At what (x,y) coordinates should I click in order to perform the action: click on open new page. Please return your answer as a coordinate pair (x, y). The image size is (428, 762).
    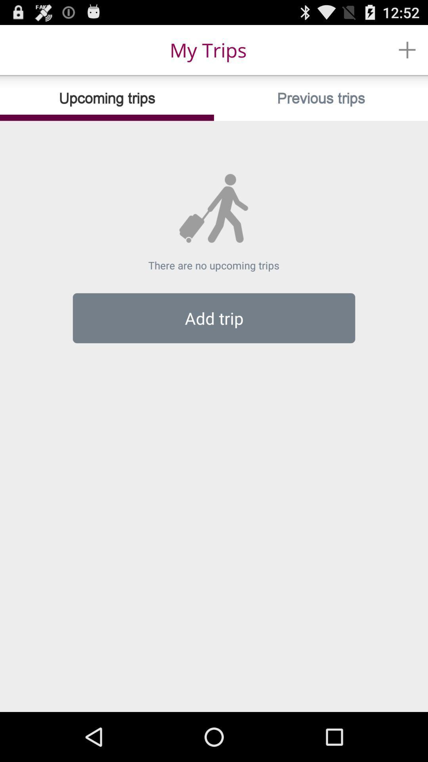
    Looking at the image, I should click on (407, 49).